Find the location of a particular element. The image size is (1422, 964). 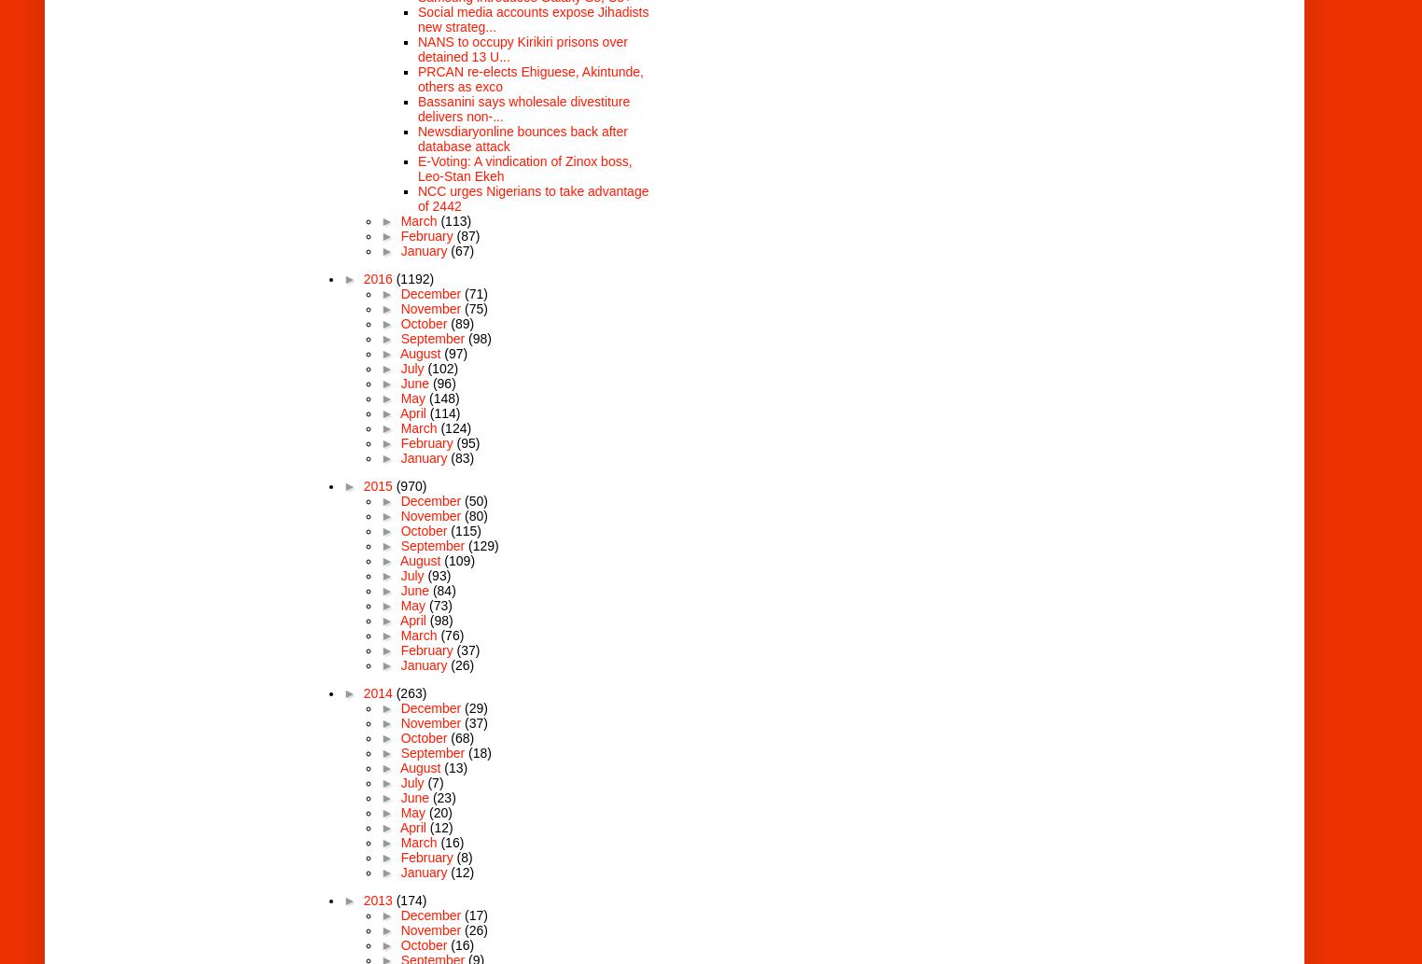

'(89)' is located at coordinates (462, 322).